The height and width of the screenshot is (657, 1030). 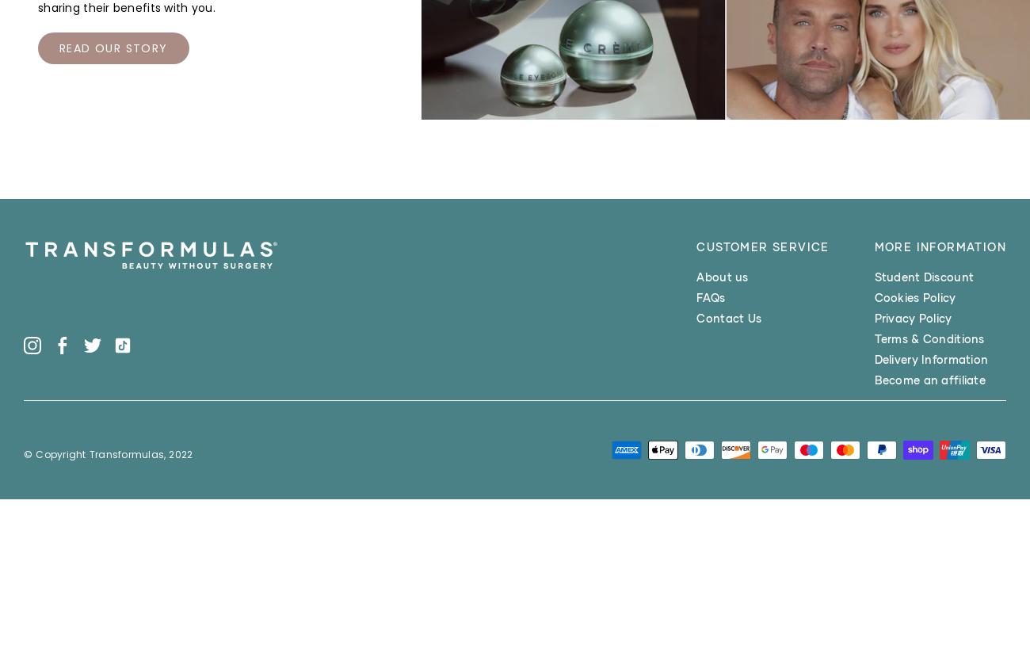 What do you see at coordinates (113, 48) in the screenshot?
I see `'READ OUR STORY'` at bounding box center [113, 48].